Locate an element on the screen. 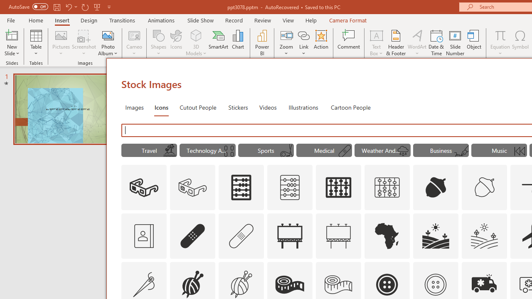 This screenshot has height=299, width=532. 'Object...' is located at coordinates (474, 43).